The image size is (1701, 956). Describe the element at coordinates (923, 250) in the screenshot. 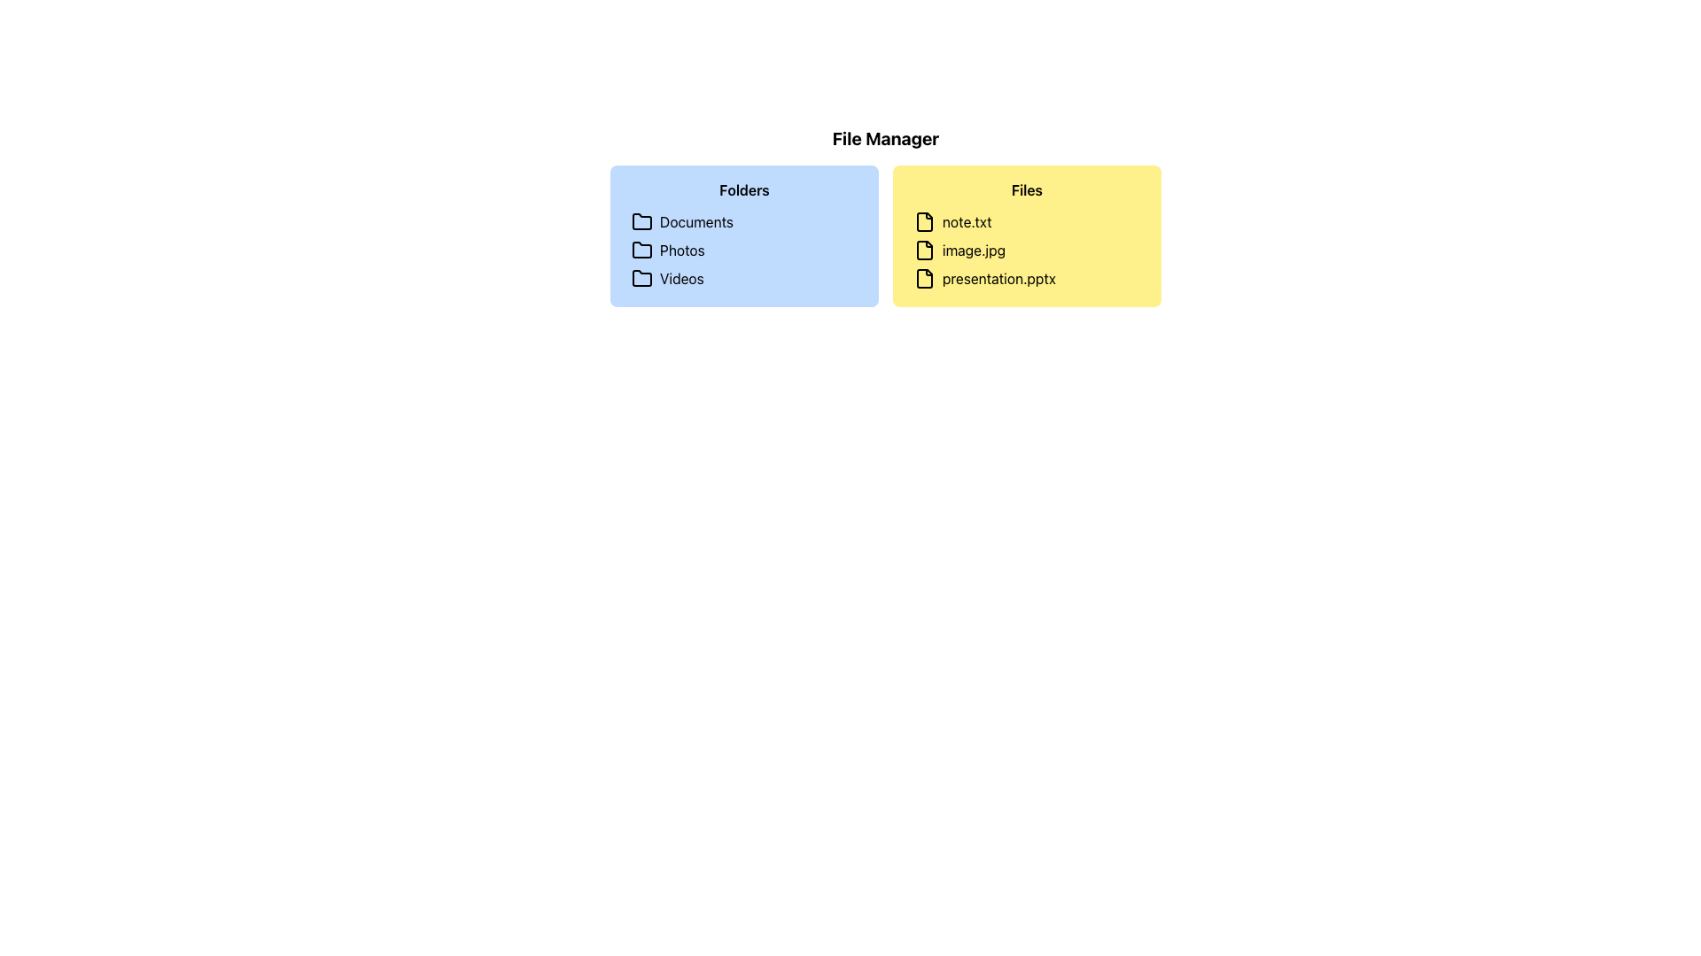

I see `the document file icon located in the 'Files' section, positioned immediately to the left of the text 'image.jpg'` at that location.